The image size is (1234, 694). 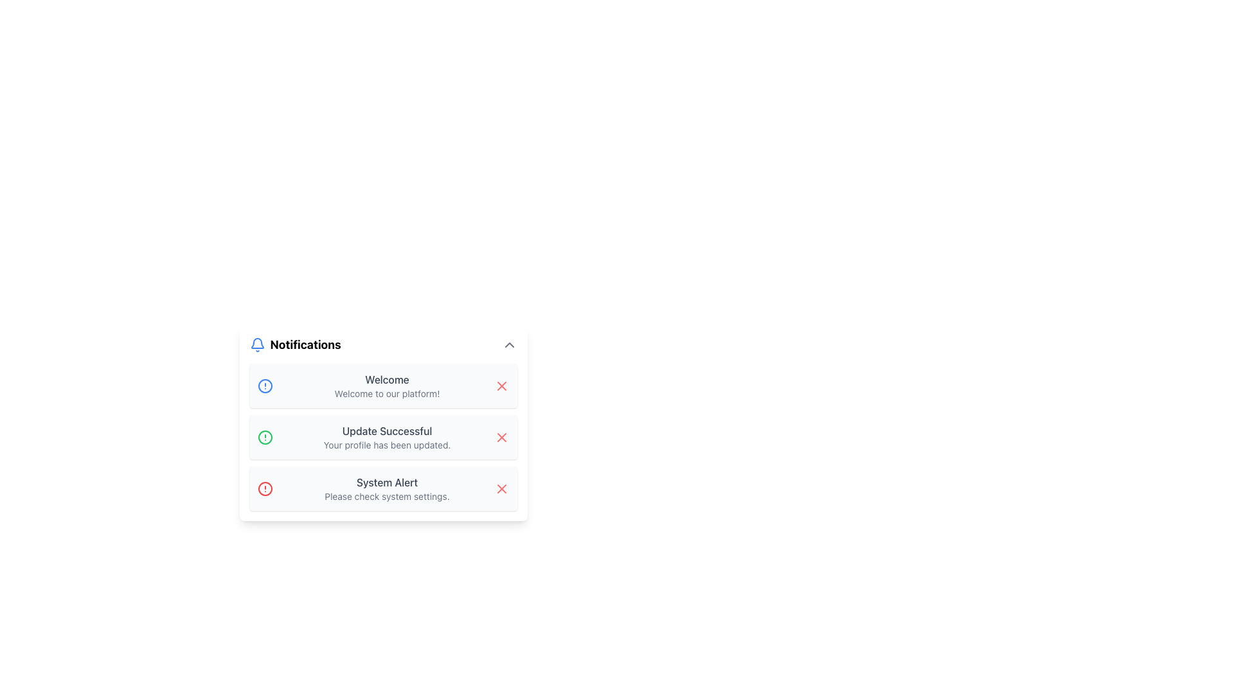 What do you see at coordinates (501, 437) in the screenshot?
I see `properties of the red 'X' close button found in the notification panel, located to the far right of the 'Update Successful' notification` at bounding box center [501, 437].